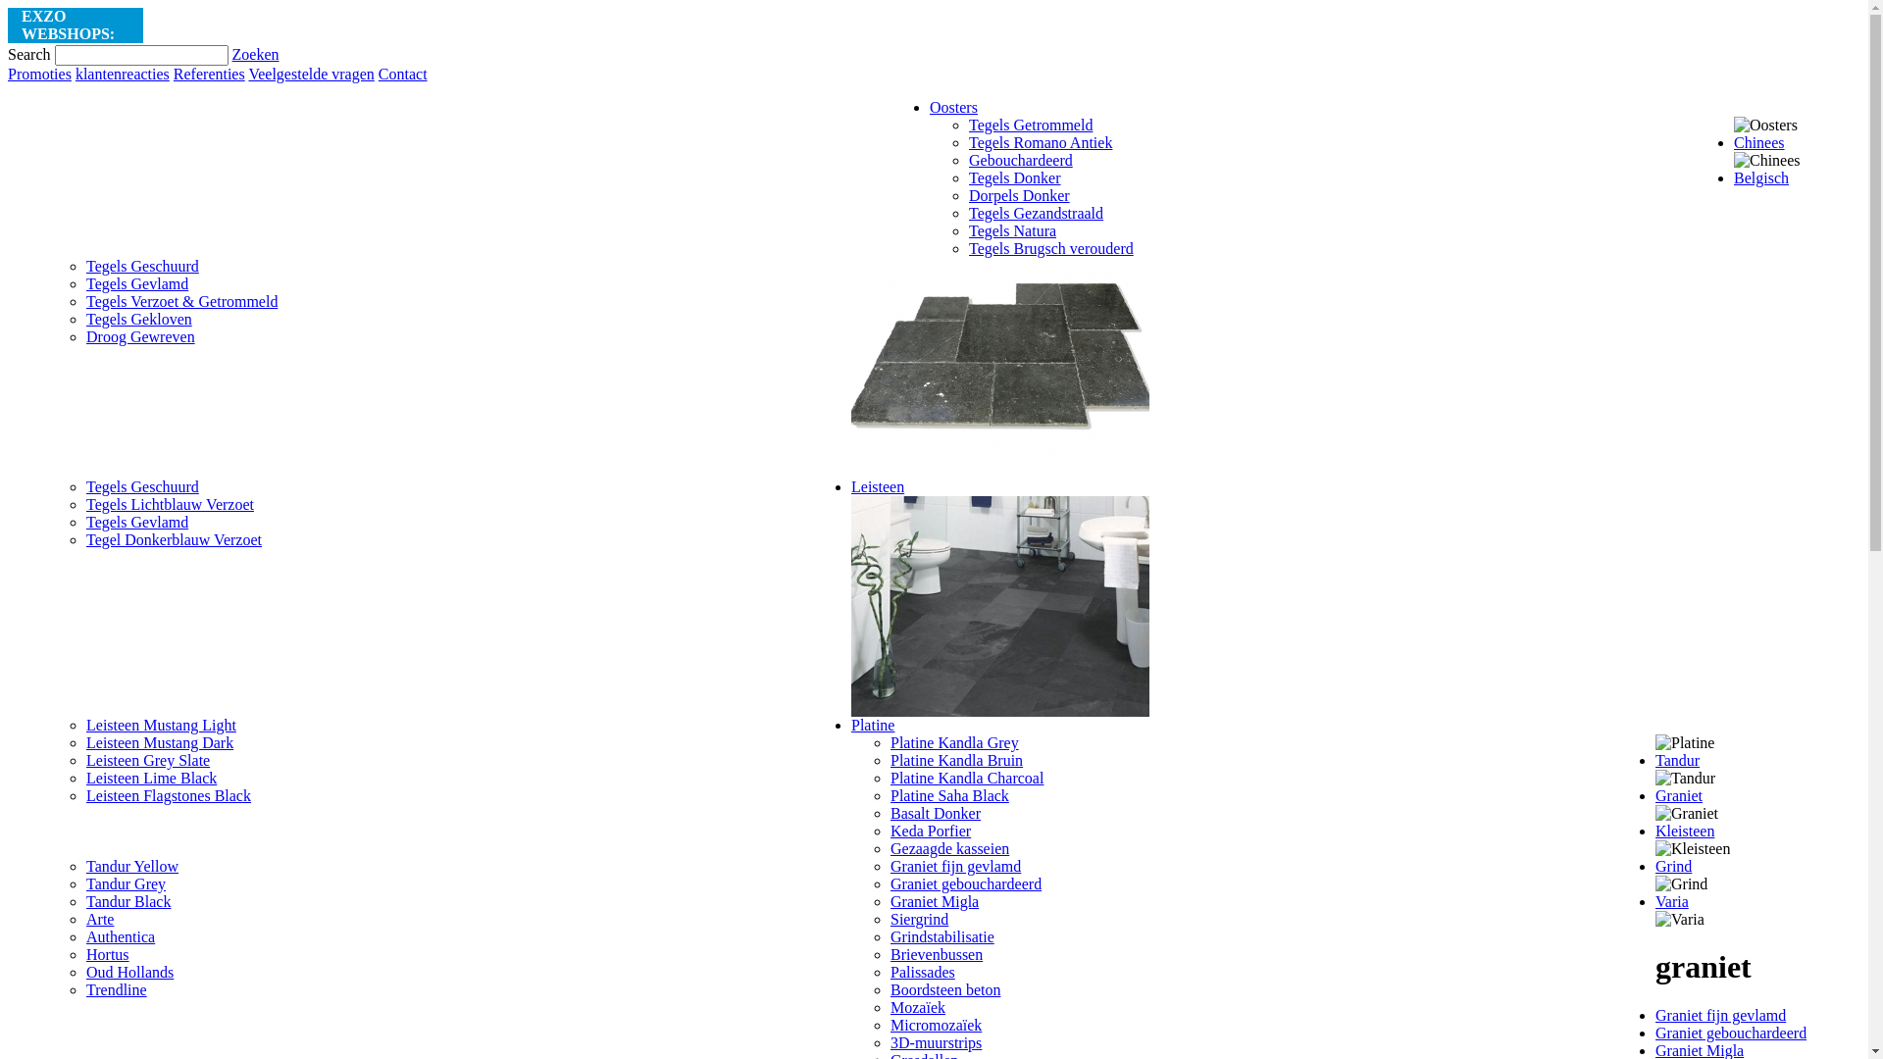 This screenshot has height=1059, width=1883. Describe the element at coordinates (921, 972) in the screenshot. I see `'Palissades'` at that location.